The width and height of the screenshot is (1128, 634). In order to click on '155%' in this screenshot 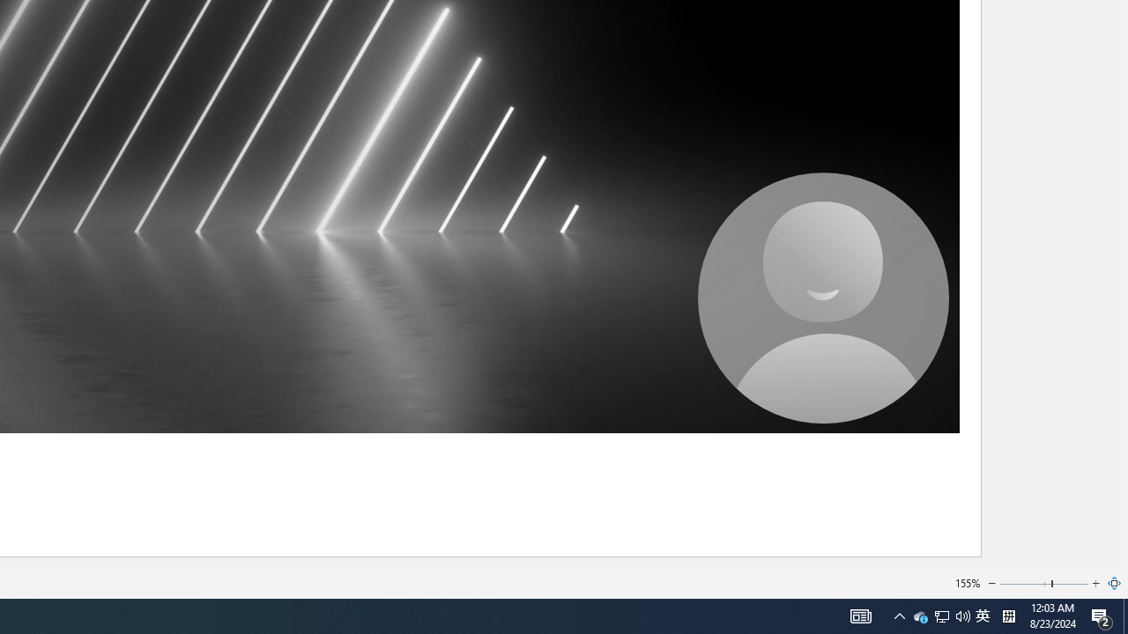, I will do `click(967, 583)`.